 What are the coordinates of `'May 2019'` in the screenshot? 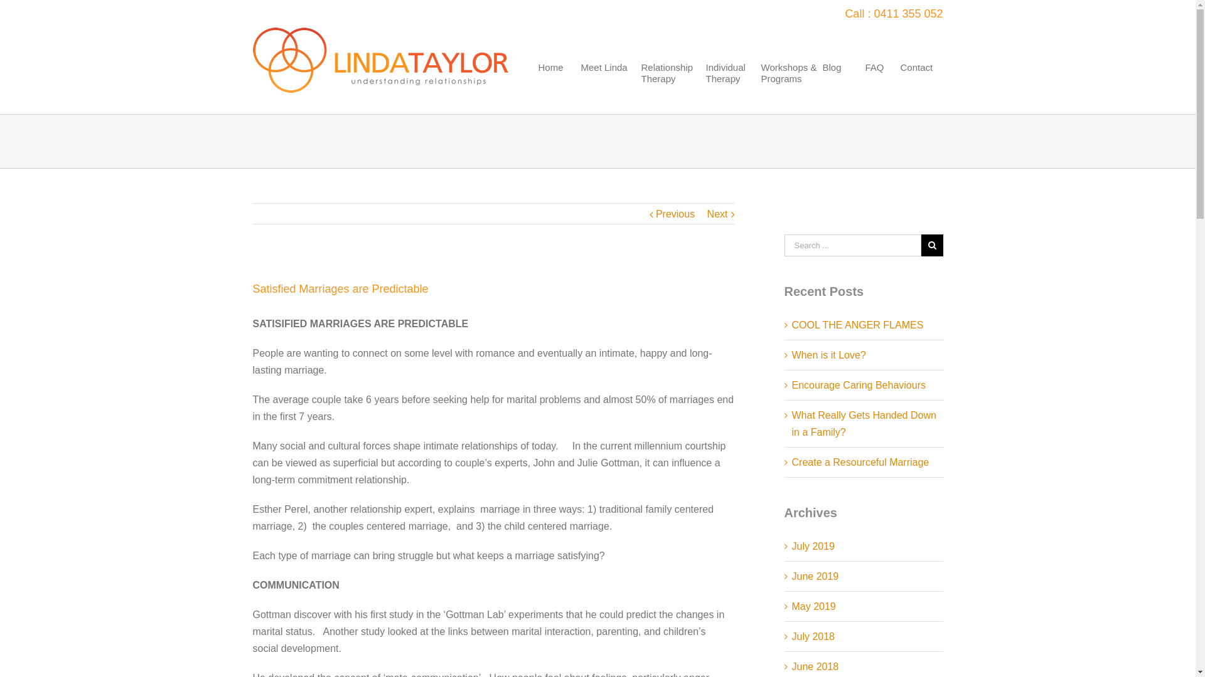 It's located at (791, 606).